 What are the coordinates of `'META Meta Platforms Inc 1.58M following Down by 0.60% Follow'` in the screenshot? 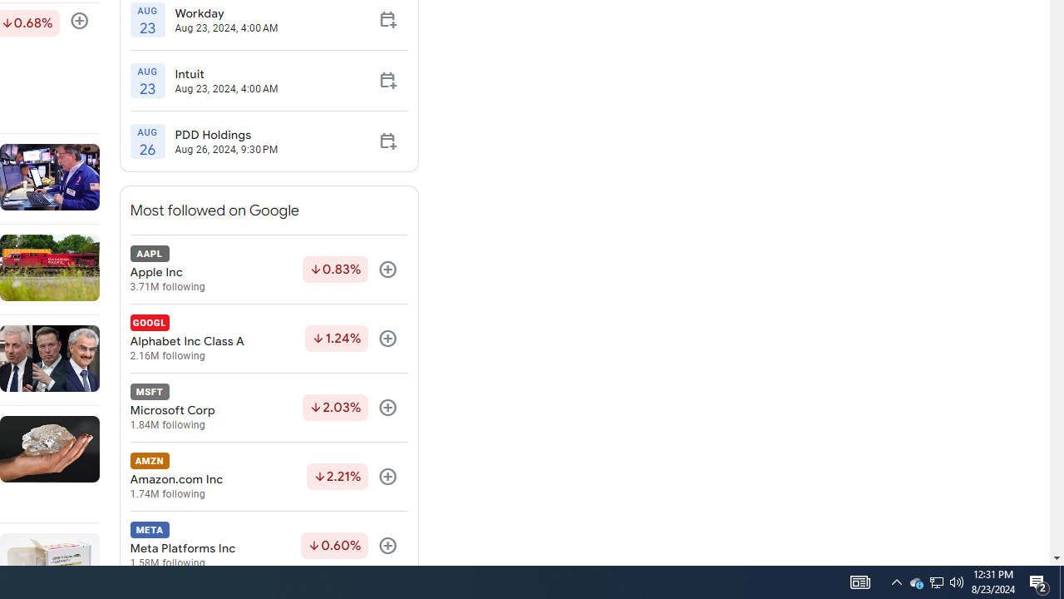 It's located at (268, 546).